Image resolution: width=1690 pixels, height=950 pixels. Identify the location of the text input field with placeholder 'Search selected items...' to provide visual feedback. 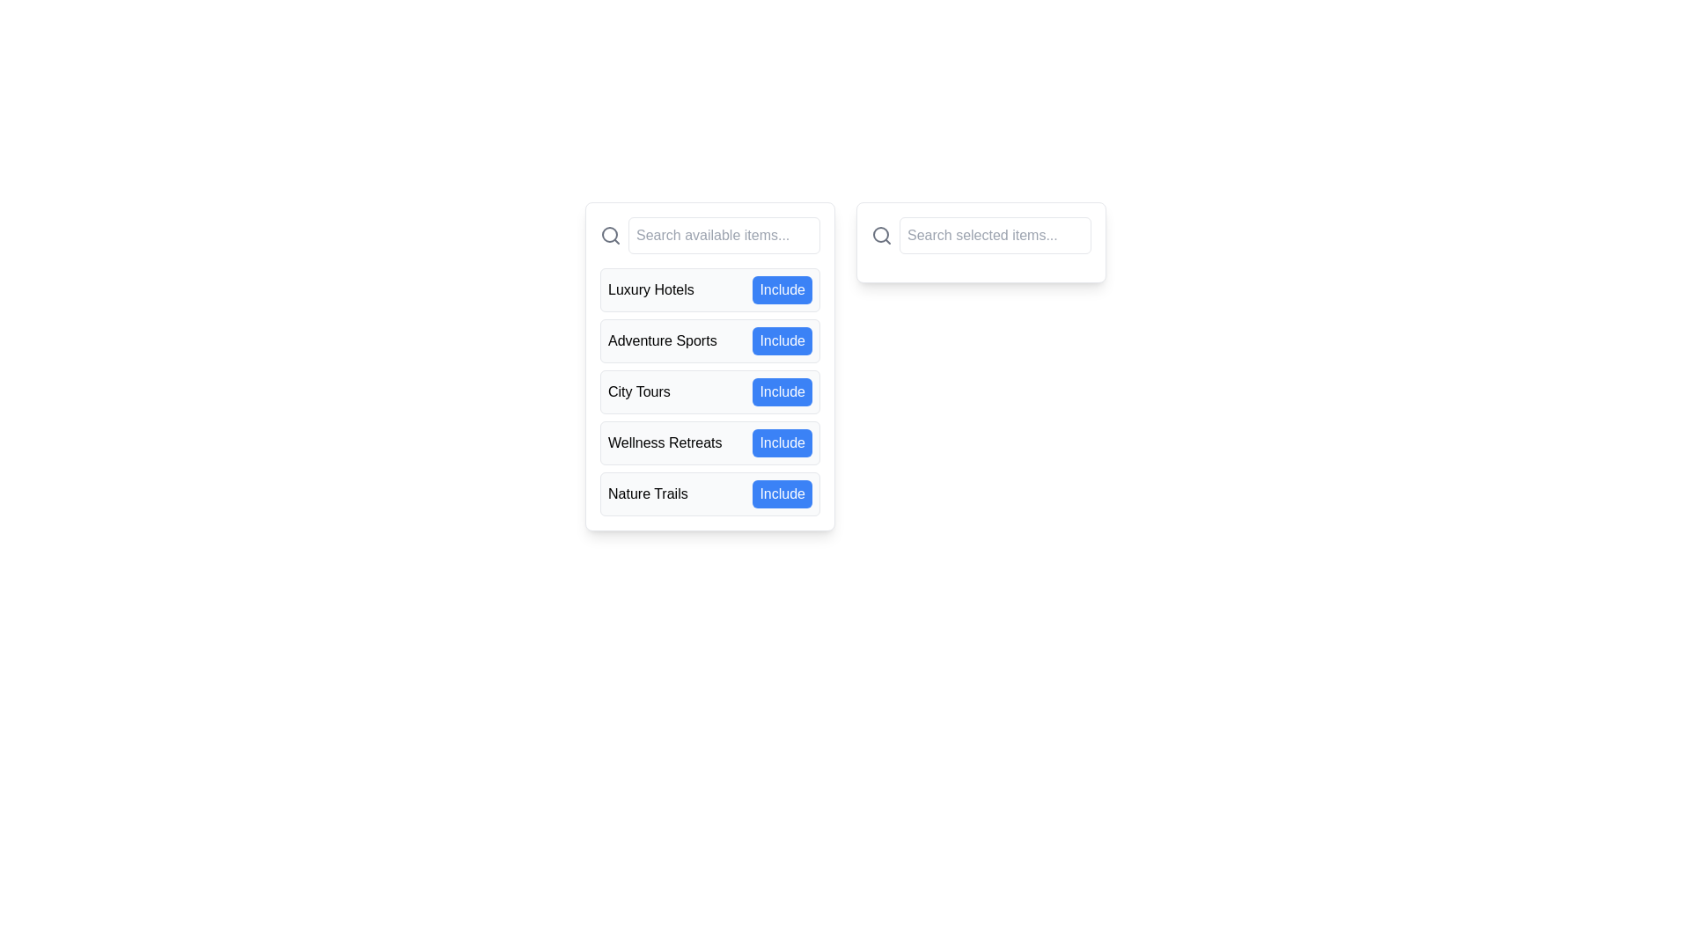
(996, 234).